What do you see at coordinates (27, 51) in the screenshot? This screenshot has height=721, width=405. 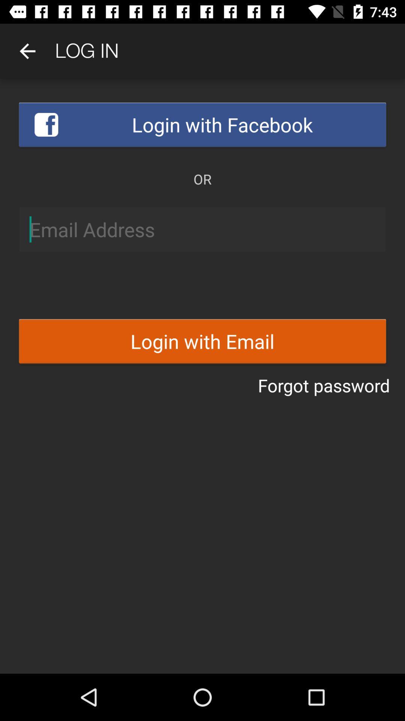 I see `item to the left of log in icon` at bounding box center [27, 51].